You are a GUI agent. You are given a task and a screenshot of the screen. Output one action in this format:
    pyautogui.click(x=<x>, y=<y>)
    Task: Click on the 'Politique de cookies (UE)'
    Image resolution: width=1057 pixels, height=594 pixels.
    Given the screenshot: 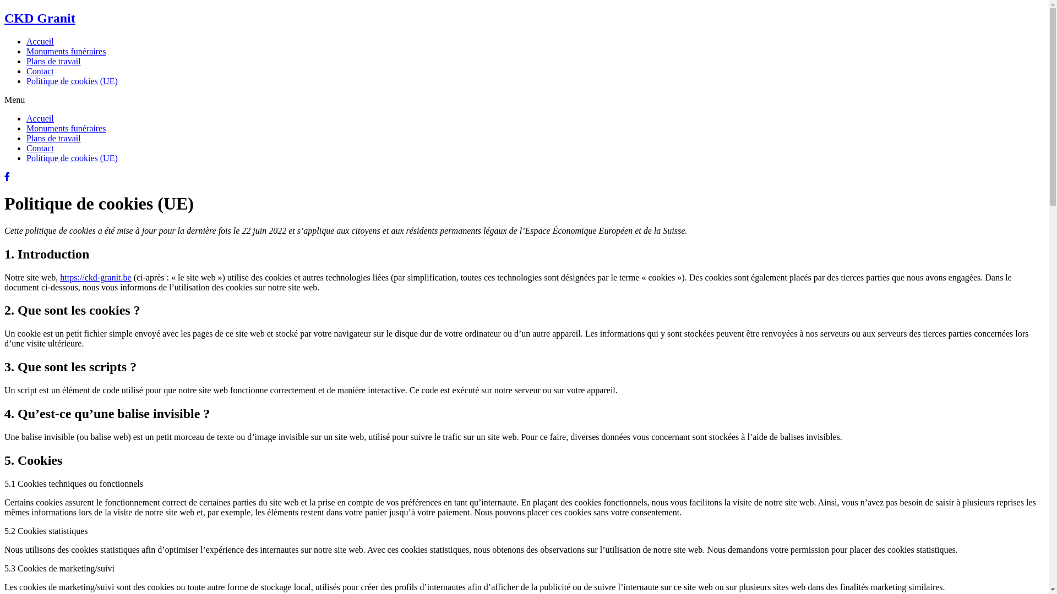 What is the action you would take?
    pyautogui.click(x=71, y=158)
    